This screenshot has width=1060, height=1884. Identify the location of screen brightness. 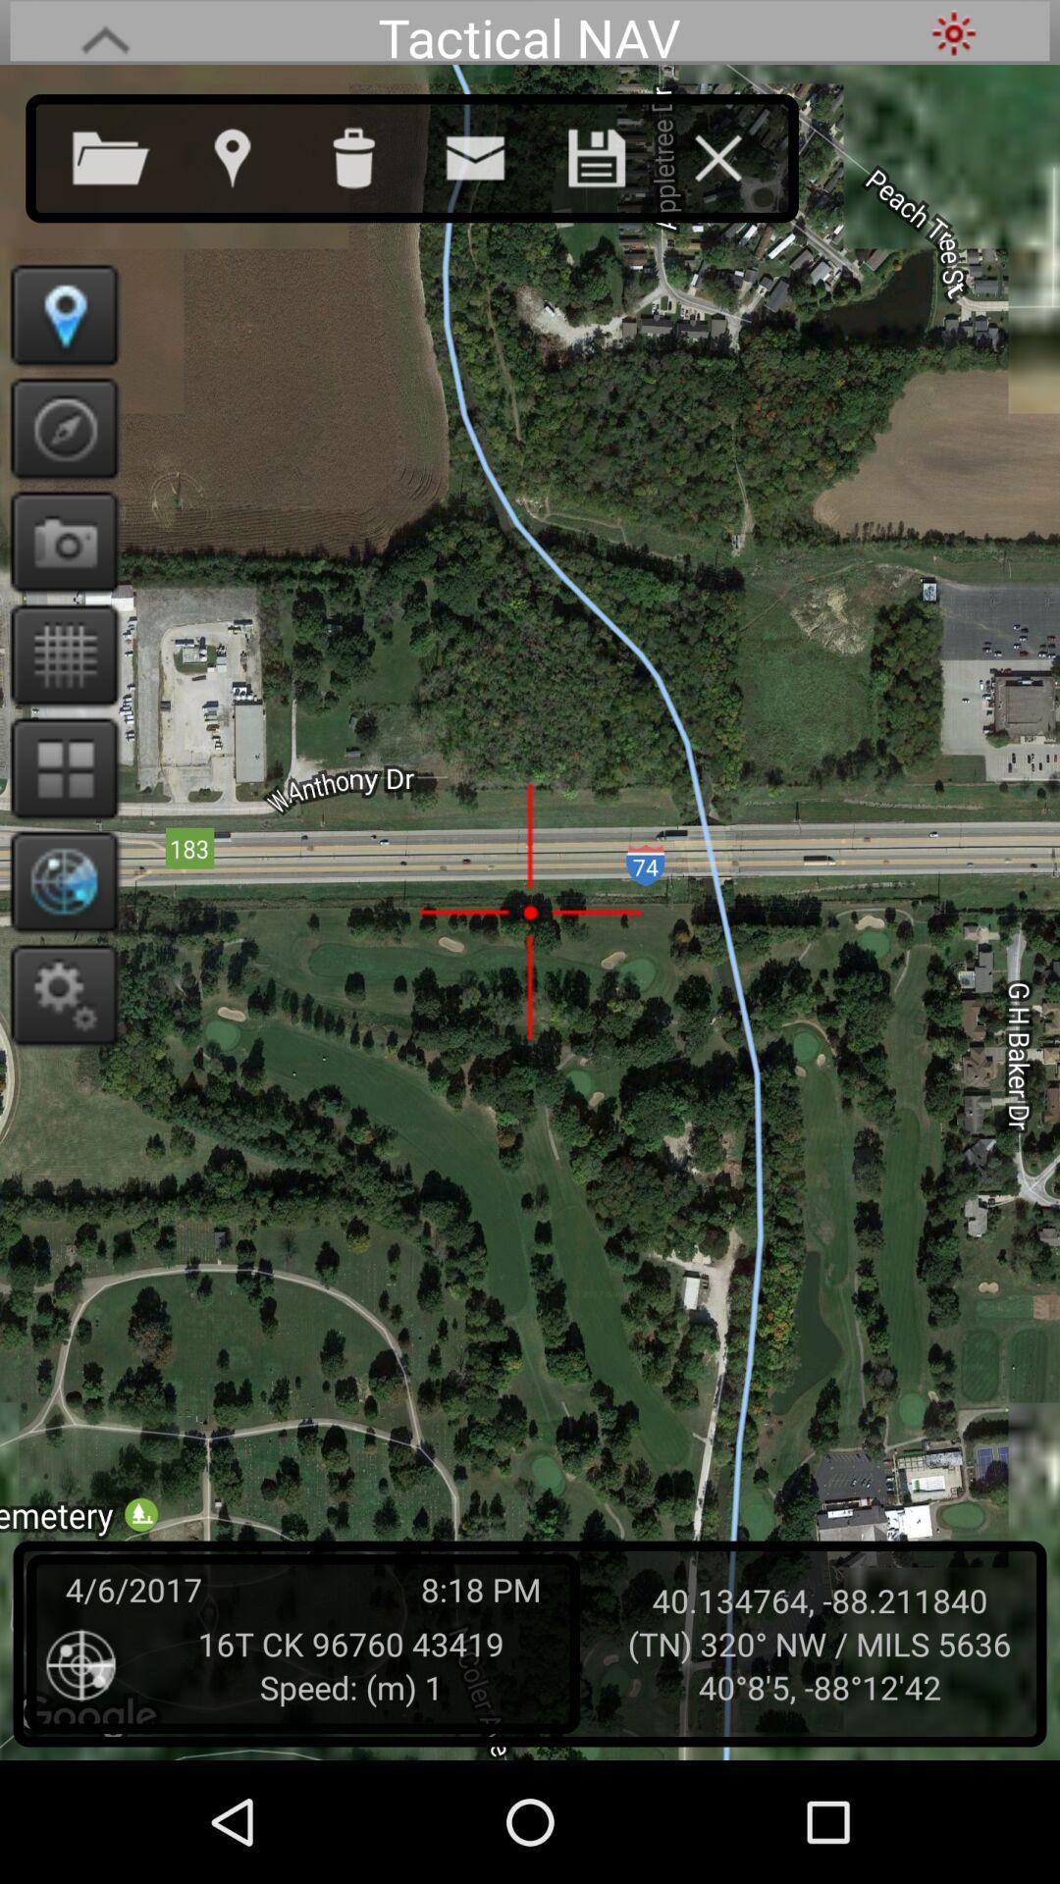
(953, 32).